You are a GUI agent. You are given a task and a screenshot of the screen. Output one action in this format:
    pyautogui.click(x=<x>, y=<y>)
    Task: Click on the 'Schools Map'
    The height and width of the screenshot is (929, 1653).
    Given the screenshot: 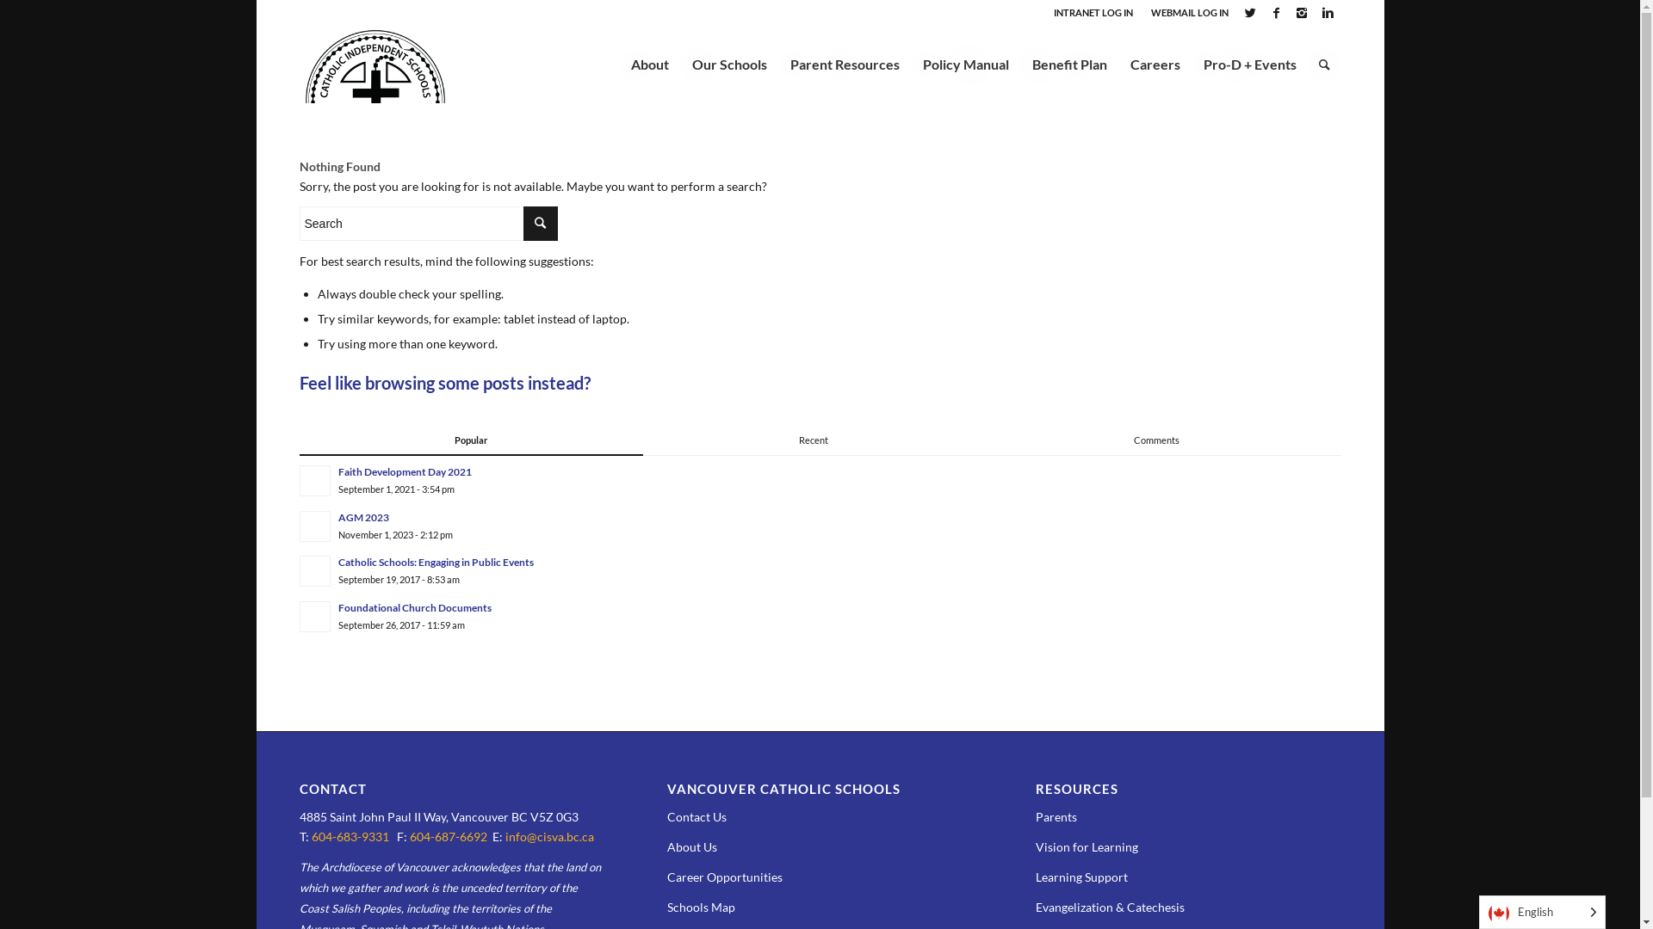 What is the action you would take?
    pyautogui.click(x=701, y=906)
    